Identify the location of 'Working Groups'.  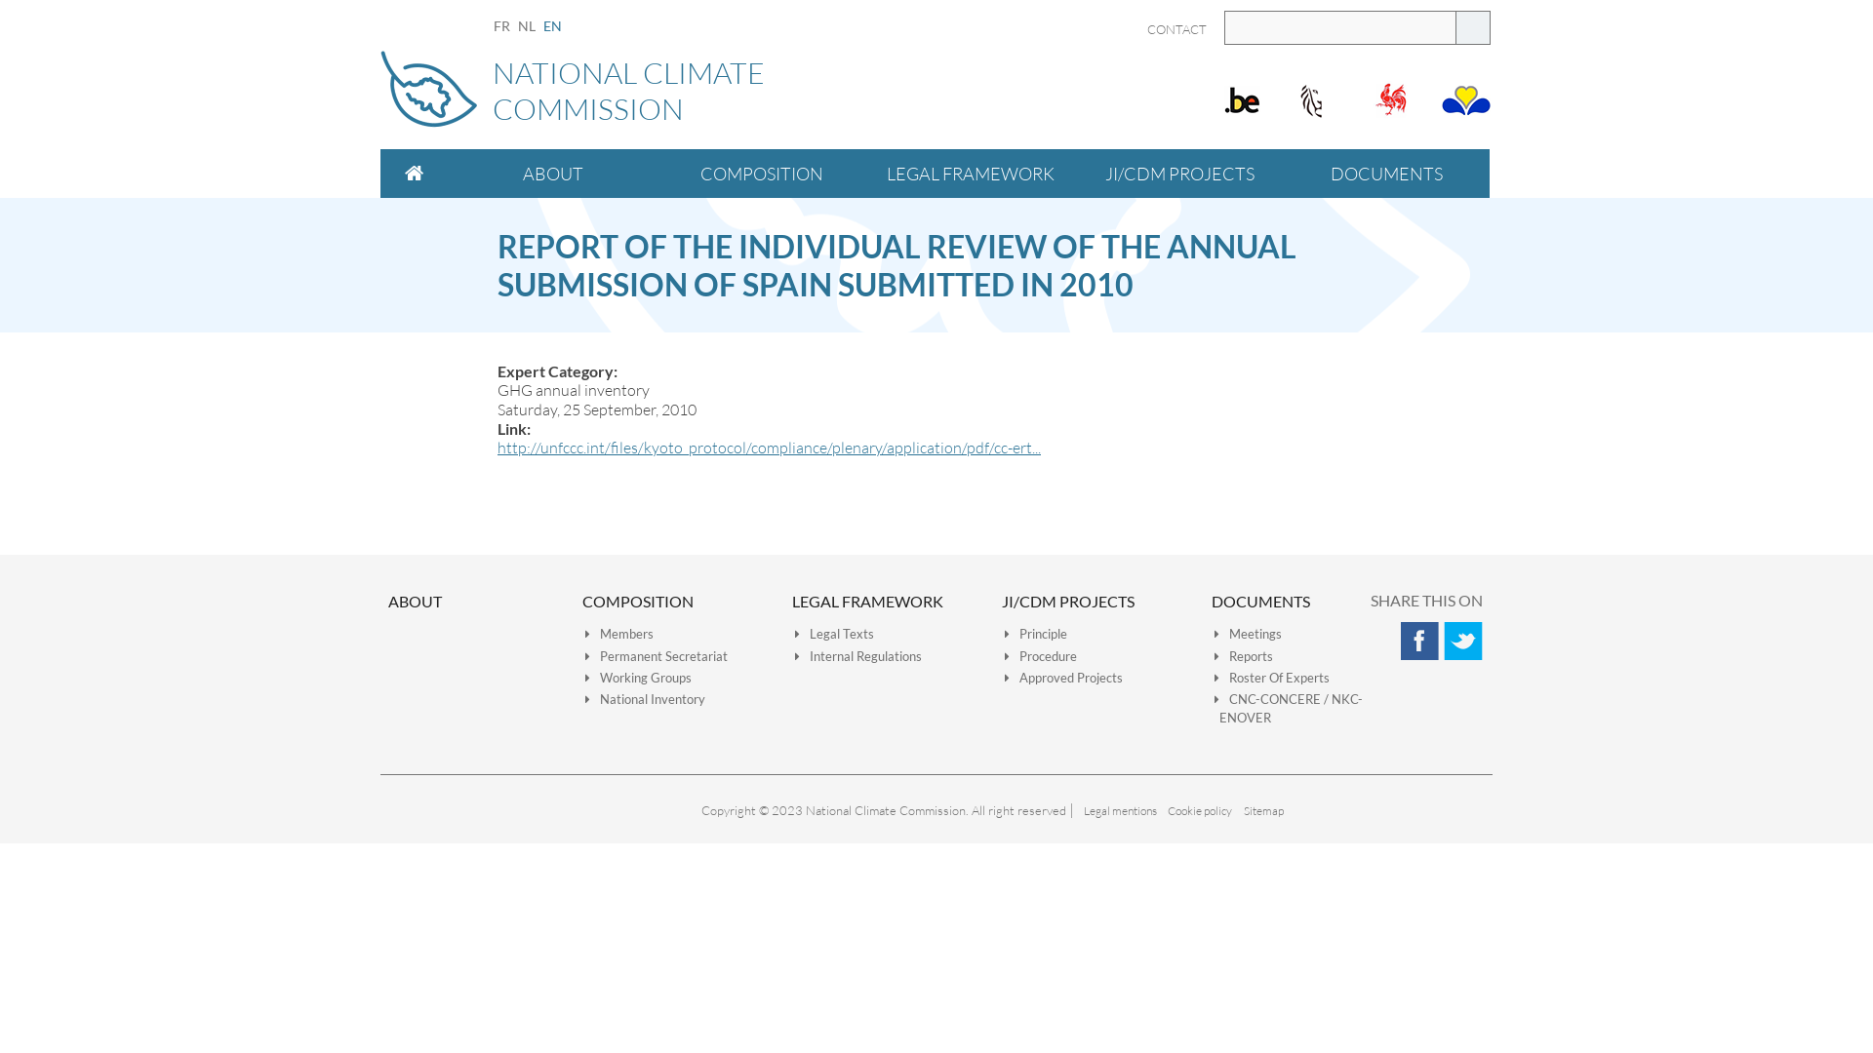
(638, 676).